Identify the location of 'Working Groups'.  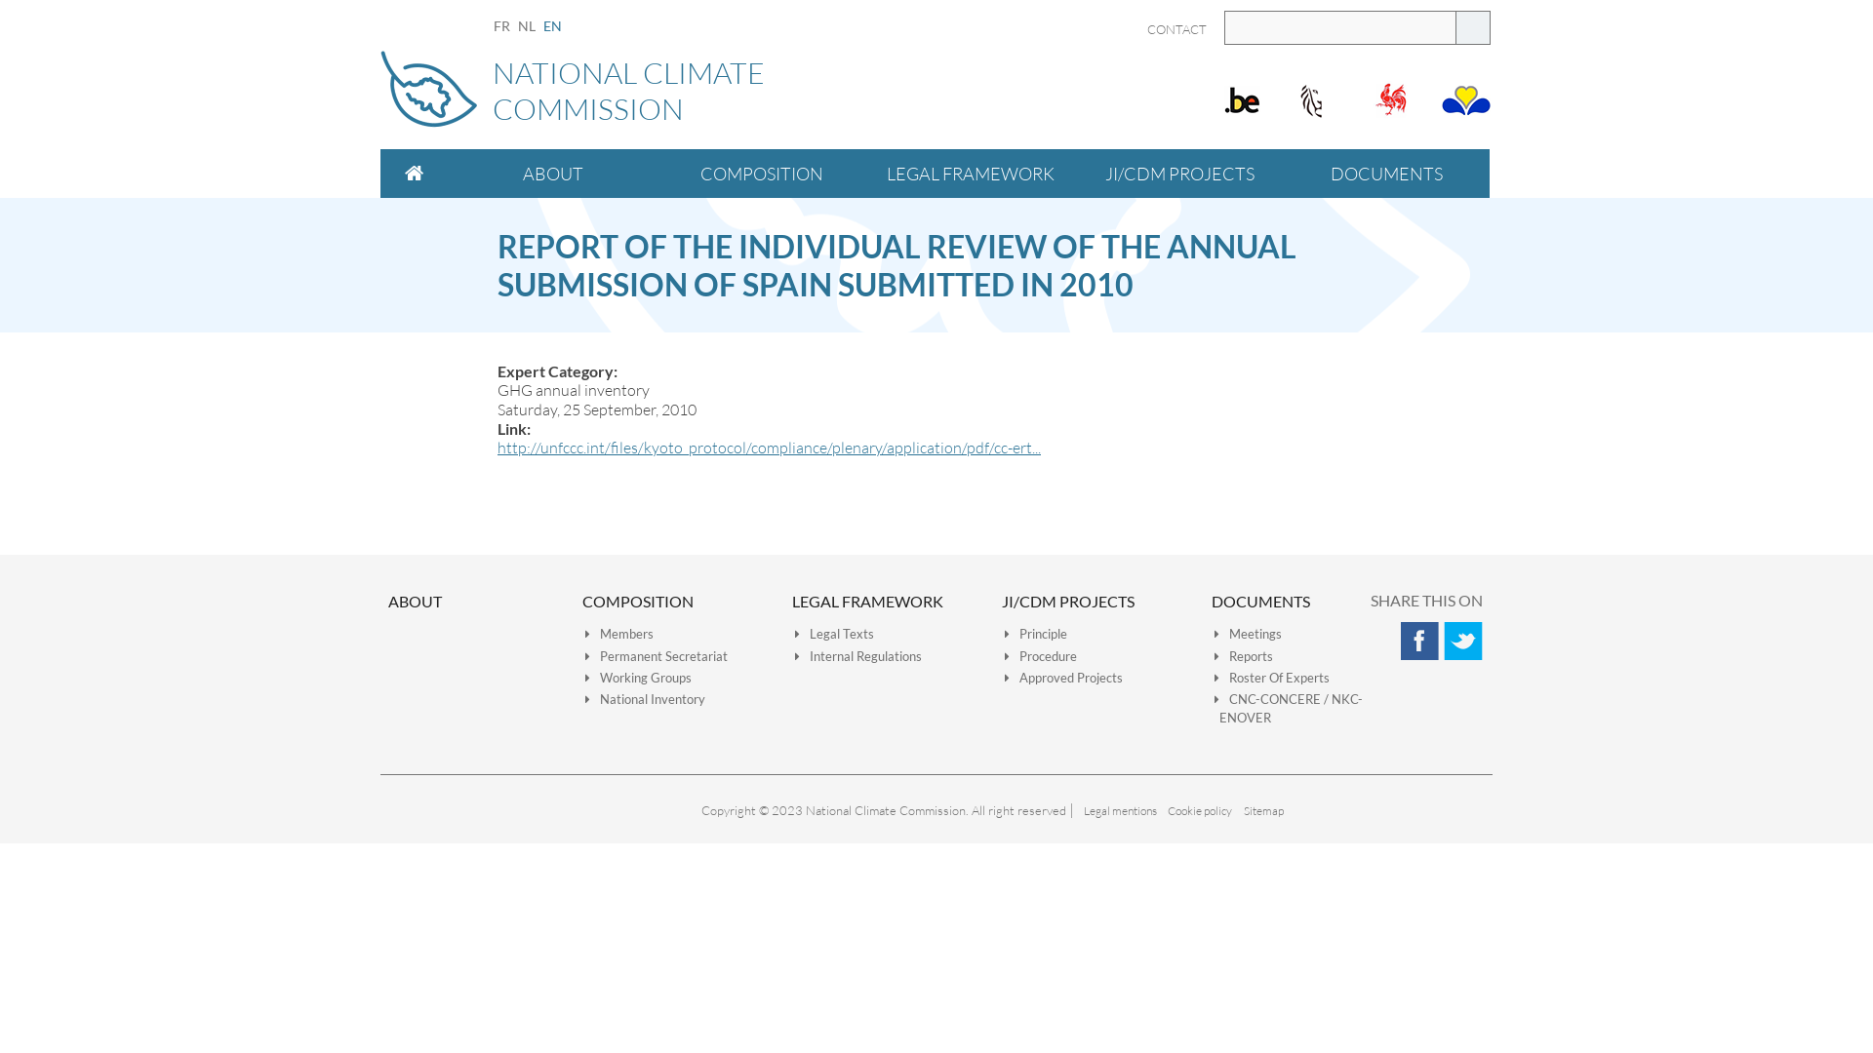
(638, 676).